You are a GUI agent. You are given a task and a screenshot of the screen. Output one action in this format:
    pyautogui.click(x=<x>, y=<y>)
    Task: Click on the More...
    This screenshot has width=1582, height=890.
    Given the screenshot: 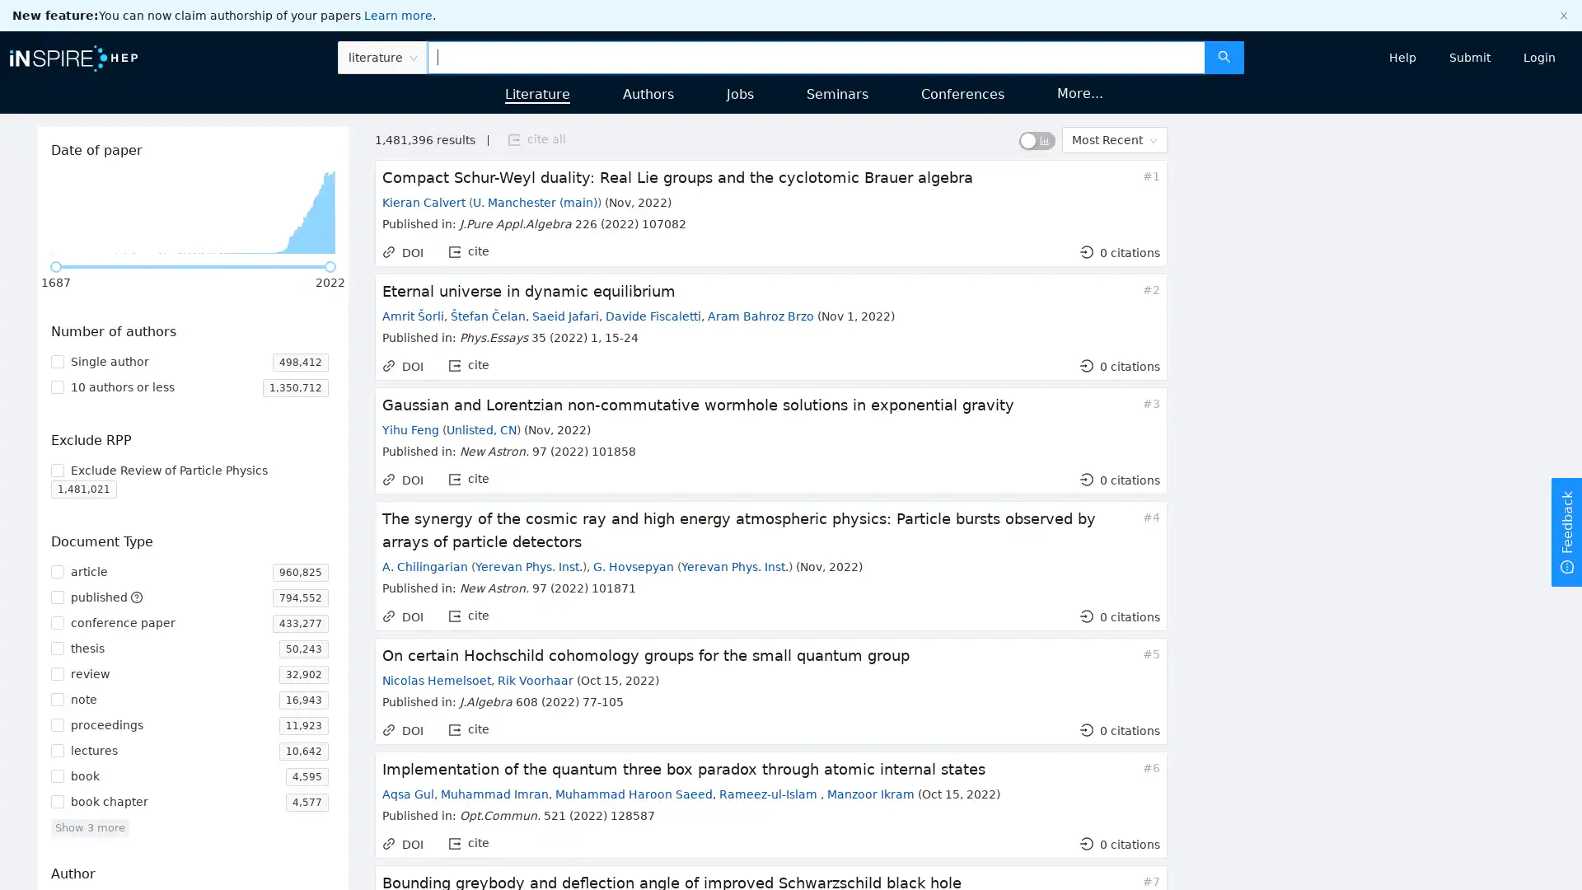 What is the action you would take?
    pyautogui.click(x=1079, y=92)
    